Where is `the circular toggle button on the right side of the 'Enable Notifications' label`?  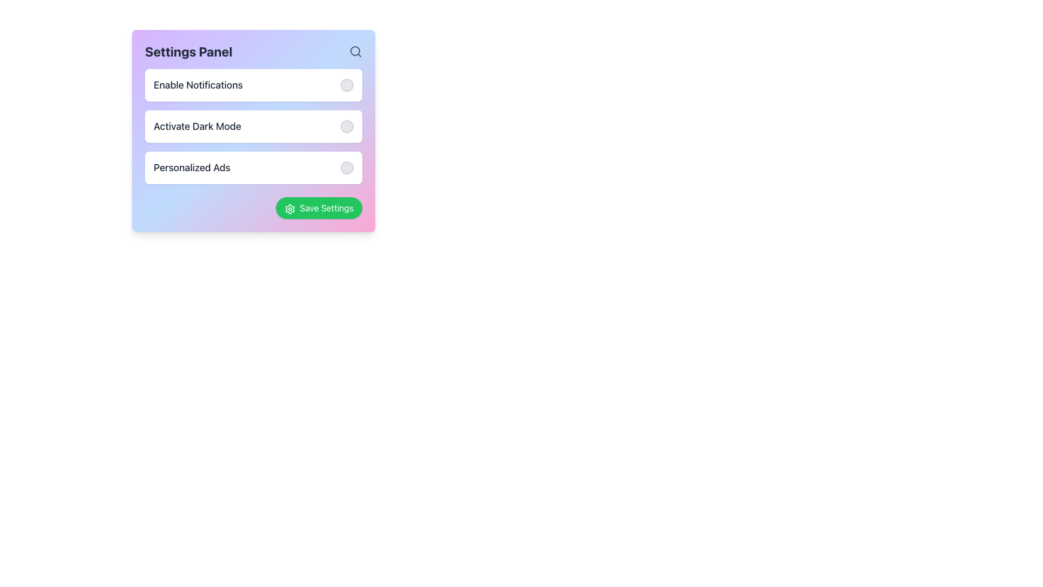
the circular toggle button on the right side of the 'Enable Notifications' label is located at coordinates (346, 85).